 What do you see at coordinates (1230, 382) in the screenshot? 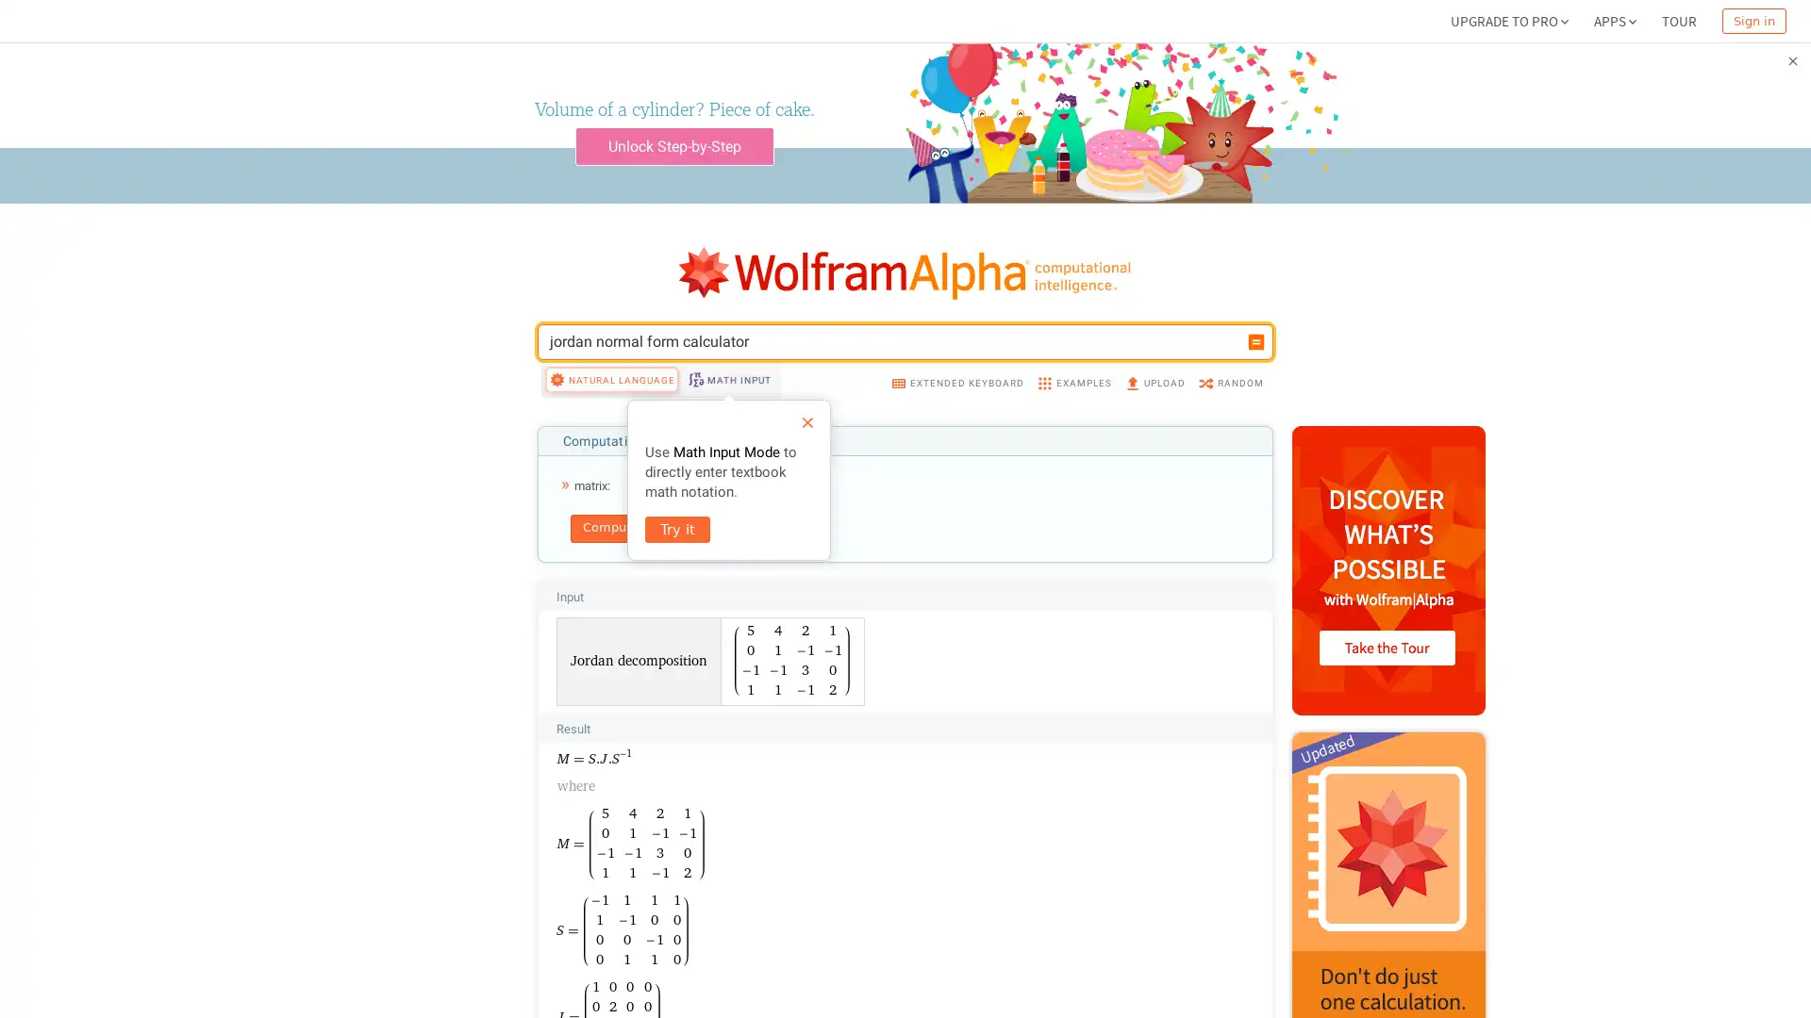
I see `RANDOM` at bounding box center [1230, 382].